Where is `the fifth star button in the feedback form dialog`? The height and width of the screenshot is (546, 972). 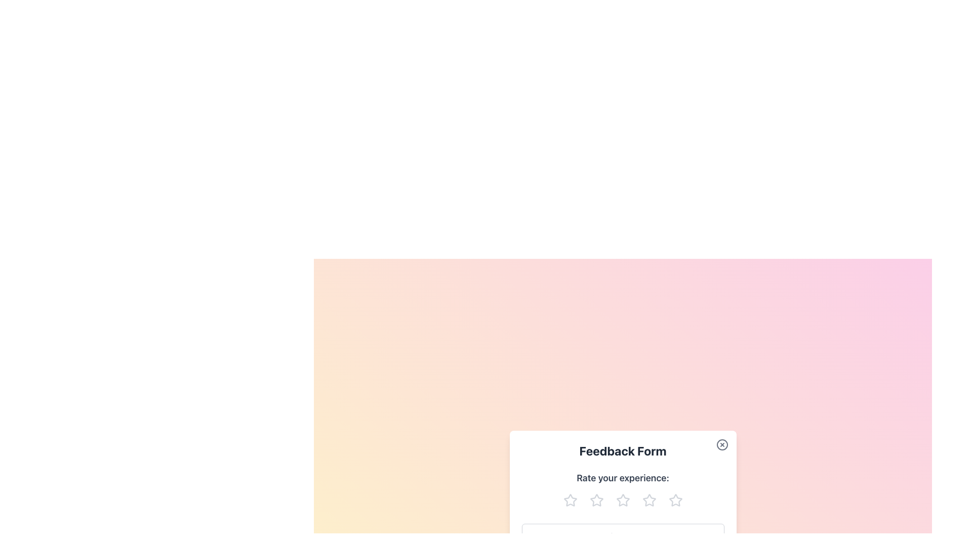 the fifth star button in the feedback form dialog is located at coordinates (675, 500).